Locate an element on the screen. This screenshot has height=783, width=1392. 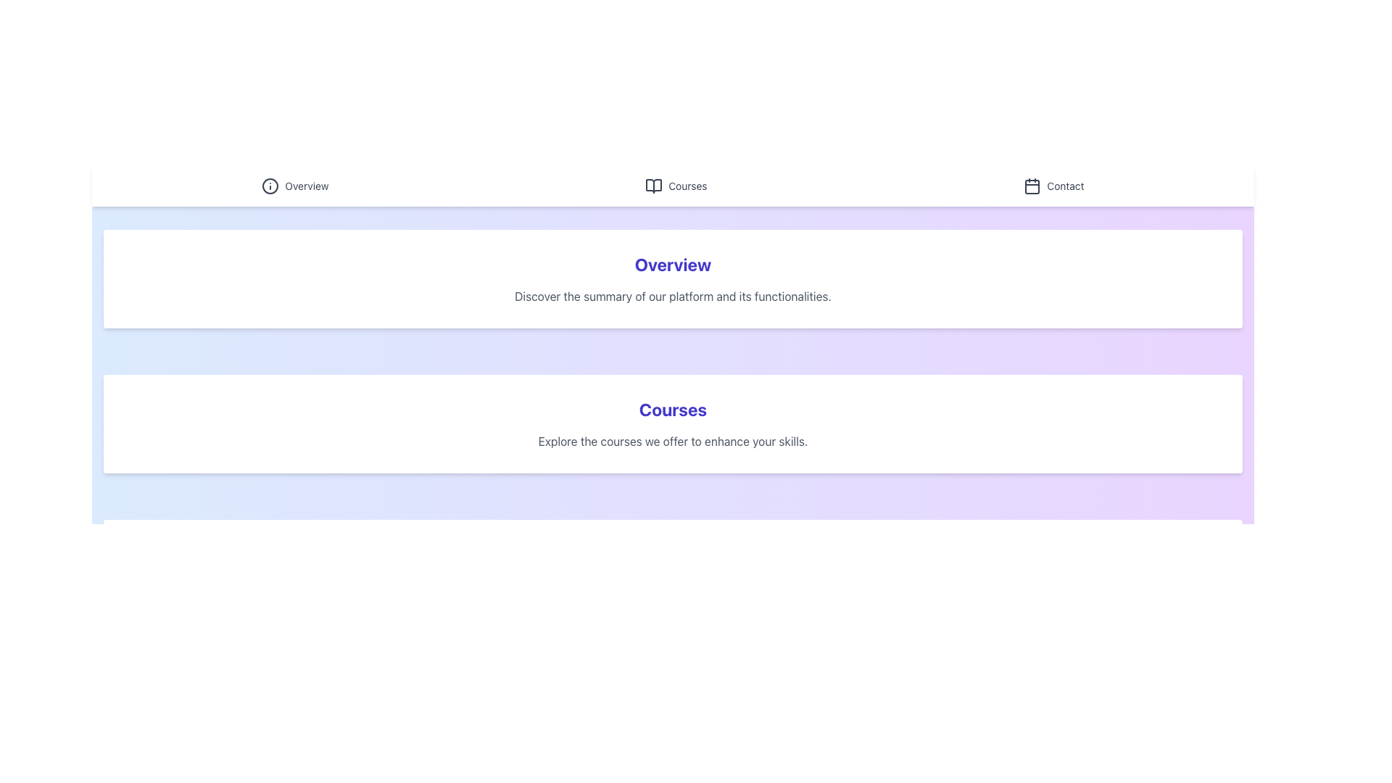
the open book icon located in the navigation bar, which is visually represented by black outlines on a transparent background, positioned to the left of the 'Courses' text is located at coordinates (653, 186).